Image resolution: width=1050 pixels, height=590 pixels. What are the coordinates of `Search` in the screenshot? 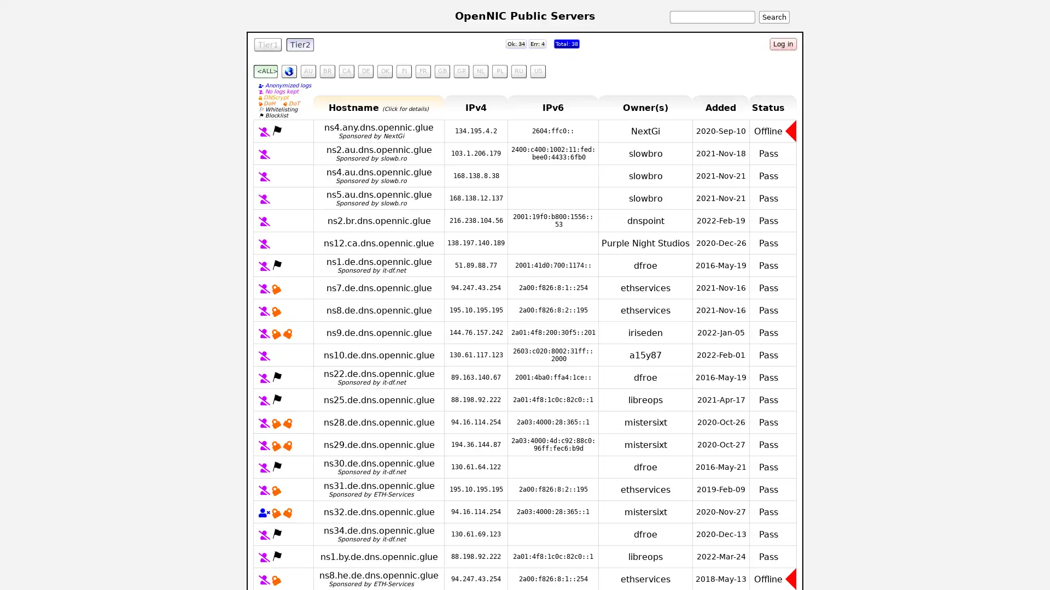 It's located at (774, 16).